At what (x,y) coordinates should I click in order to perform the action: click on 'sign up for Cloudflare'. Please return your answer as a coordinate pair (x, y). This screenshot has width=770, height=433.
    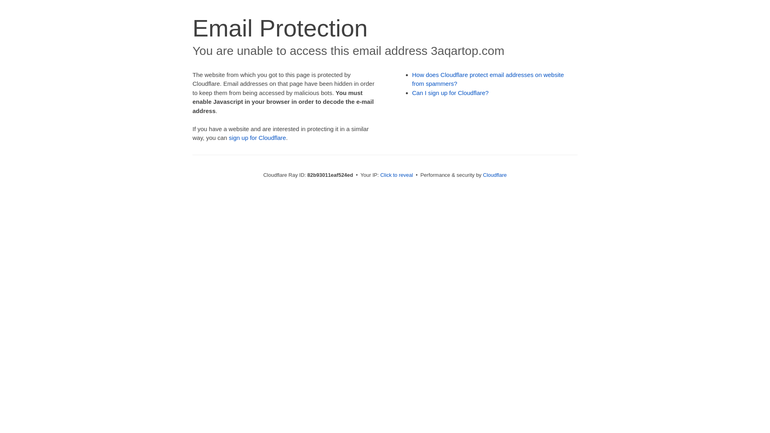
    Looking at the image, I should click on (257, 137).